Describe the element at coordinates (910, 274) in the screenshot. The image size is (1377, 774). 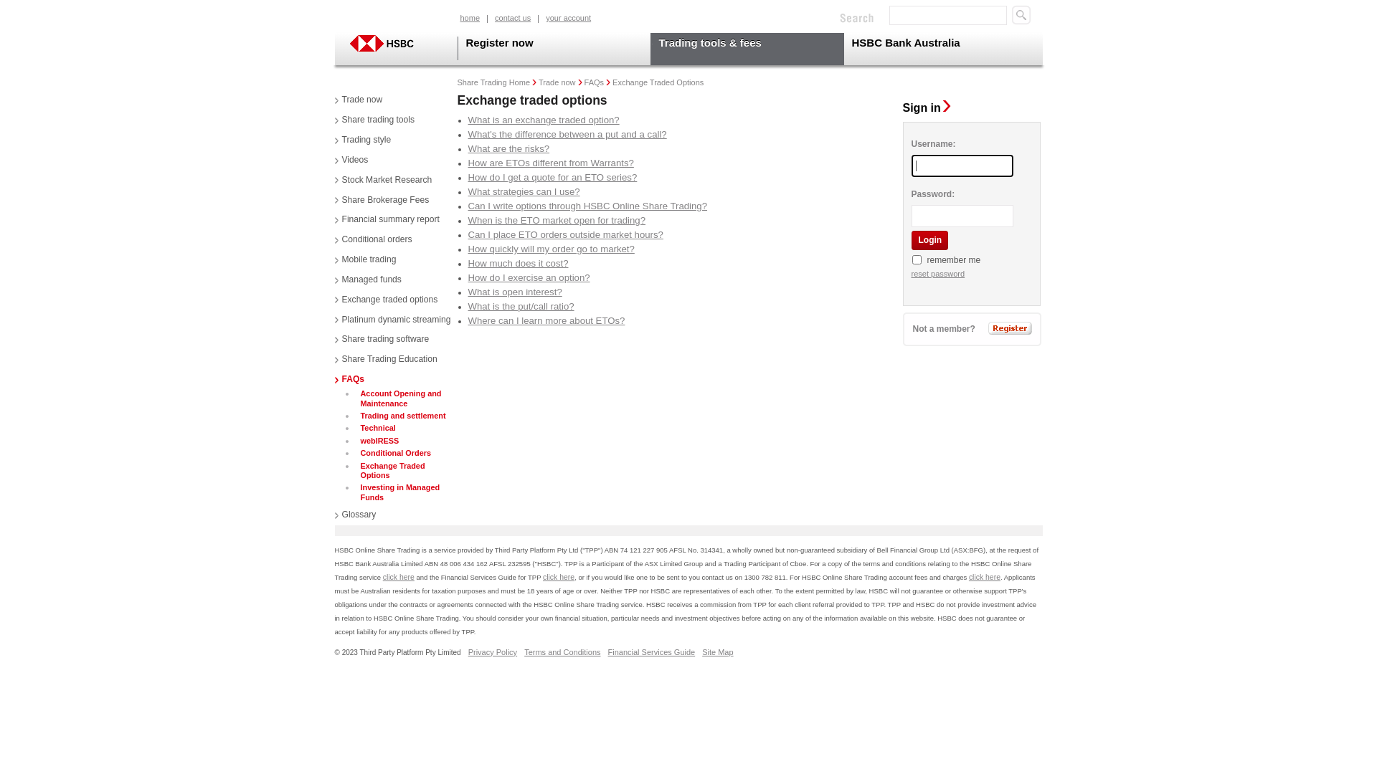
I see `'reset password'` at that location.